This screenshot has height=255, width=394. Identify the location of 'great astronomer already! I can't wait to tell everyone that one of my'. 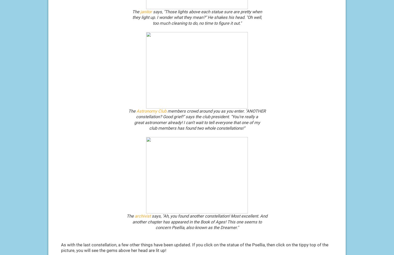
(197, 122).